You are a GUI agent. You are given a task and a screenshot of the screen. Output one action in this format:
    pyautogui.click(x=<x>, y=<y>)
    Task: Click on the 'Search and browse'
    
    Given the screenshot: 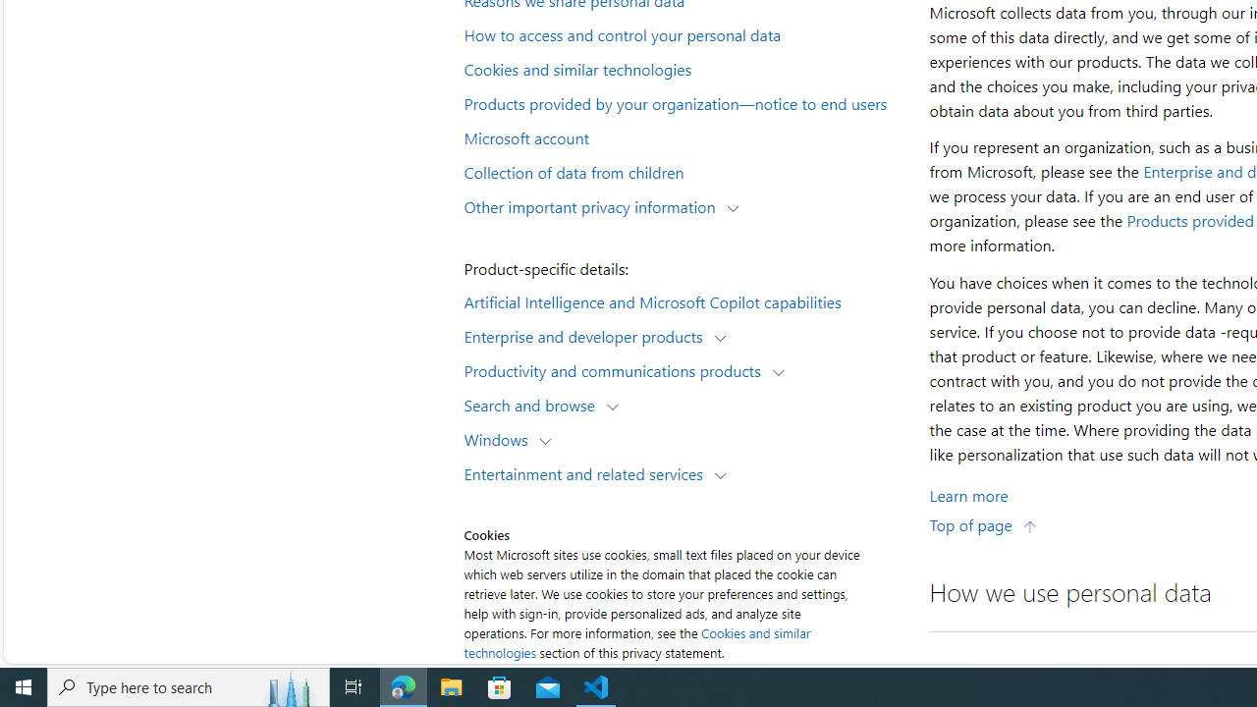 What is the action you would take?
    pyautogui.click(x=534, y=404)
    